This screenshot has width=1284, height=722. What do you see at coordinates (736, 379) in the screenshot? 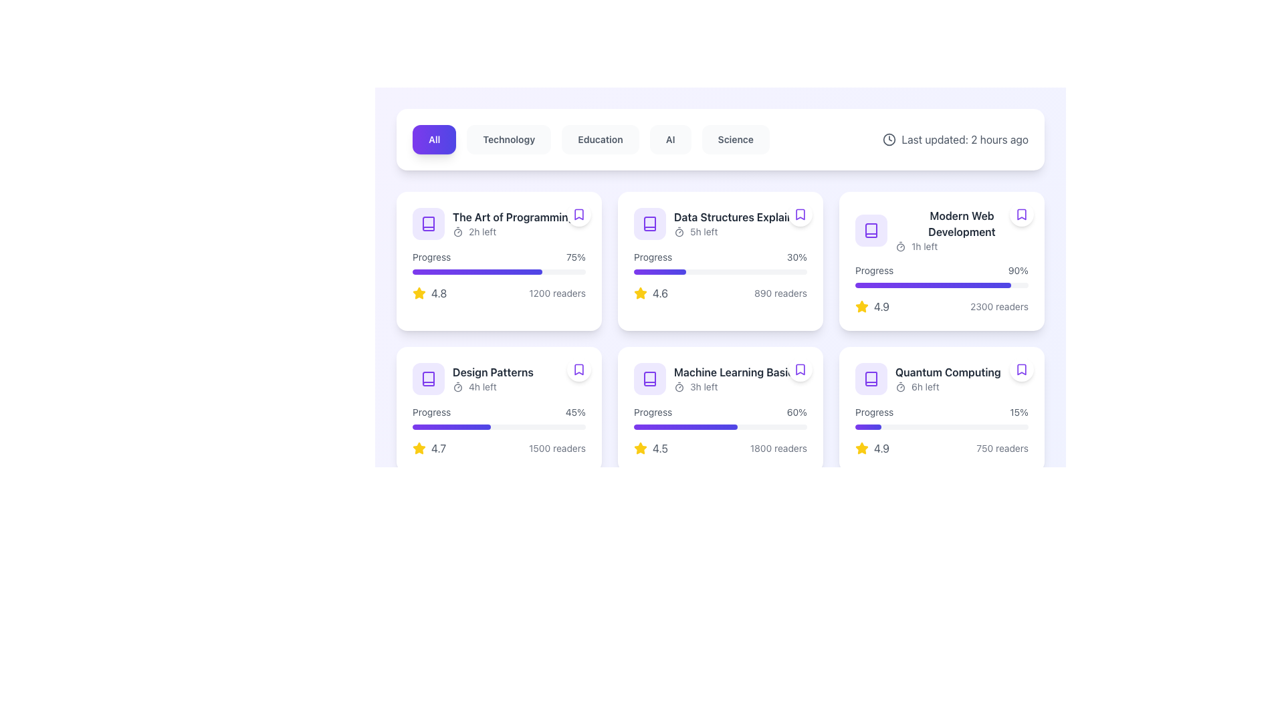
I see `title and timing information displayed in the text label under the 'Machine Learning Basics' card, located in the second row and third column of the grid` at bounding box center [736, 379].